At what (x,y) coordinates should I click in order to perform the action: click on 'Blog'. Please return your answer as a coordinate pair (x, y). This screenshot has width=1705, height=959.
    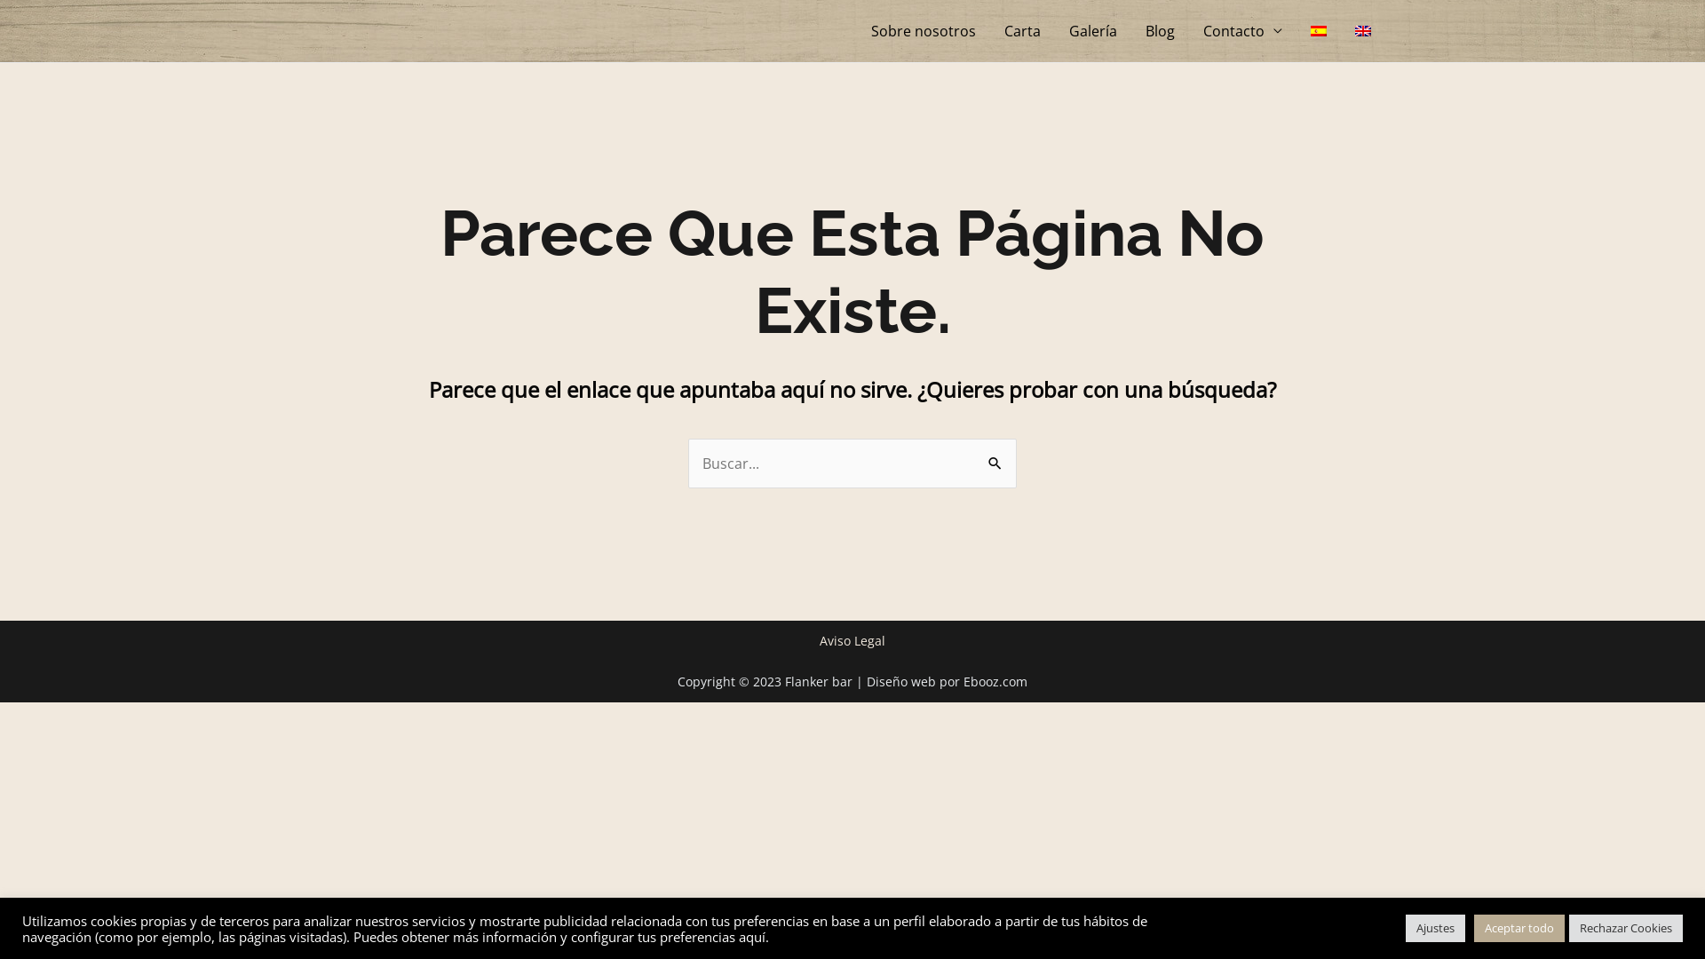
    Looking at the image, I should click on (1160, 30).